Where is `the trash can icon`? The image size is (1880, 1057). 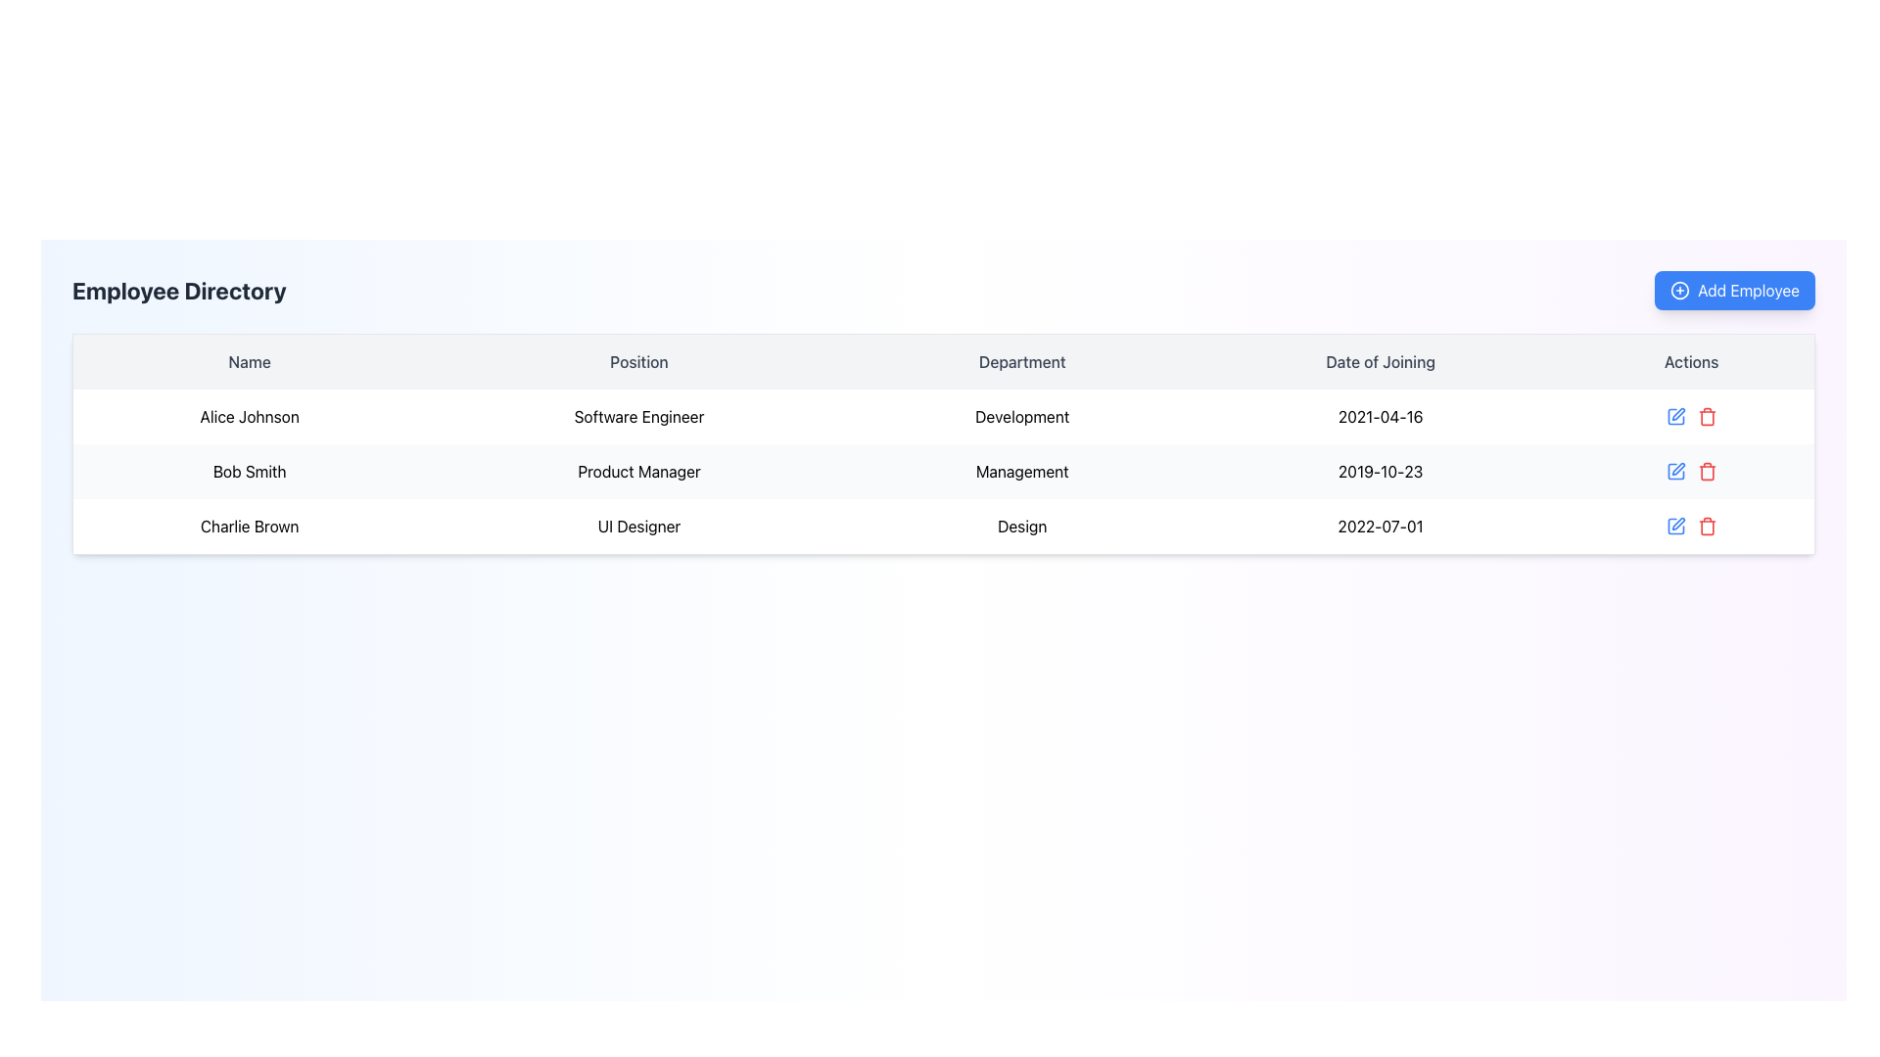
the trash can icon is located at coordinates (1706, 472).